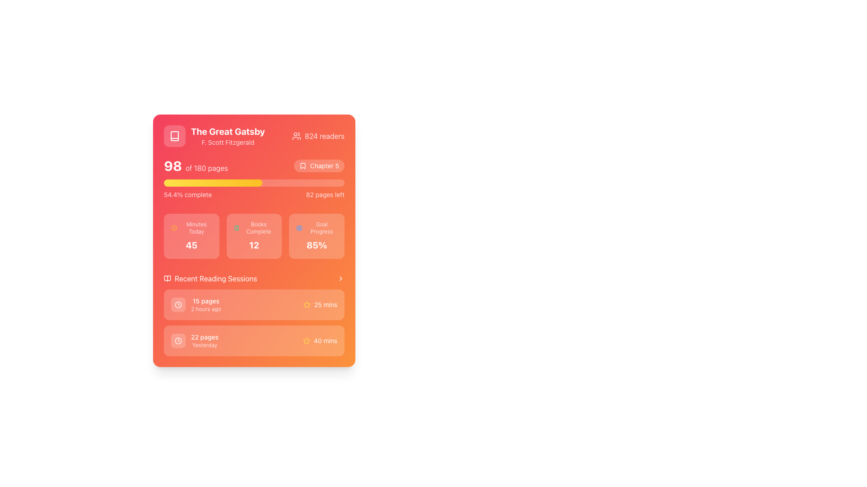 The width and height of the screenshot is (867, 487). What do you see at coordinates (205, 309) in the screenshot?
I see `text label displaying '2 hours ago' located below '15 pages' in the 'Recent Reading Sessions' panel` at bounding box center [205, 309].